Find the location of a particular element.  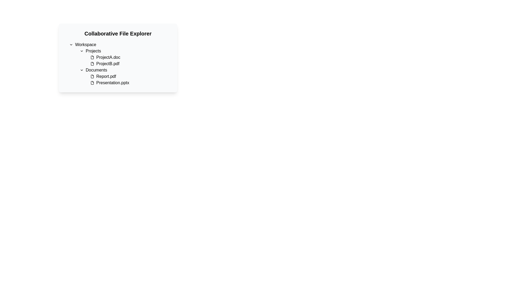

the 'Projects' text label which features a medium font weight and is located next to a downward-facing chevron icon, indicating additional options is located at coordinates (93, 51).